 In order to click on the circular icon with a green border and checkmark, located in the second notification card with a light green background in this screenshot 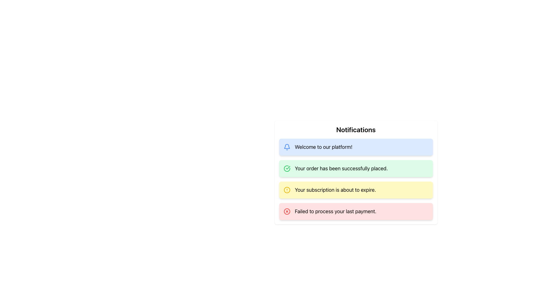, I will do `click(287, 168)`.